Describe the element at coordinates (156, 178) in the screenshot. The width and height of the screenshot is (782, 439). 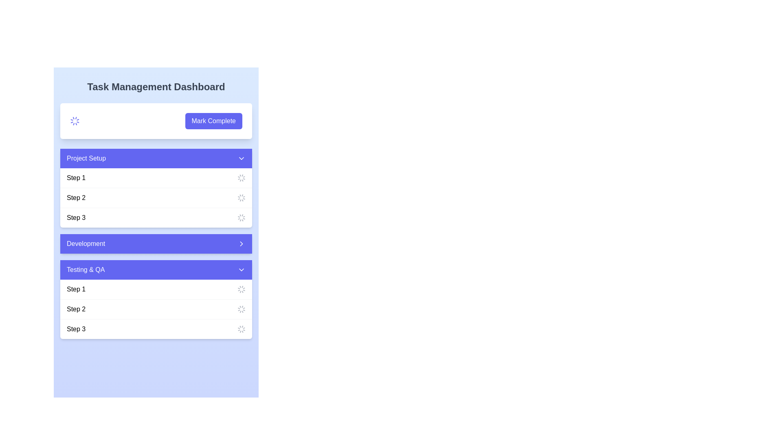
I see `the loading status of the first row in the 'Project Setup' section, which displays 'Step 1' on the left and a spinning loader icon on the right` at that location.